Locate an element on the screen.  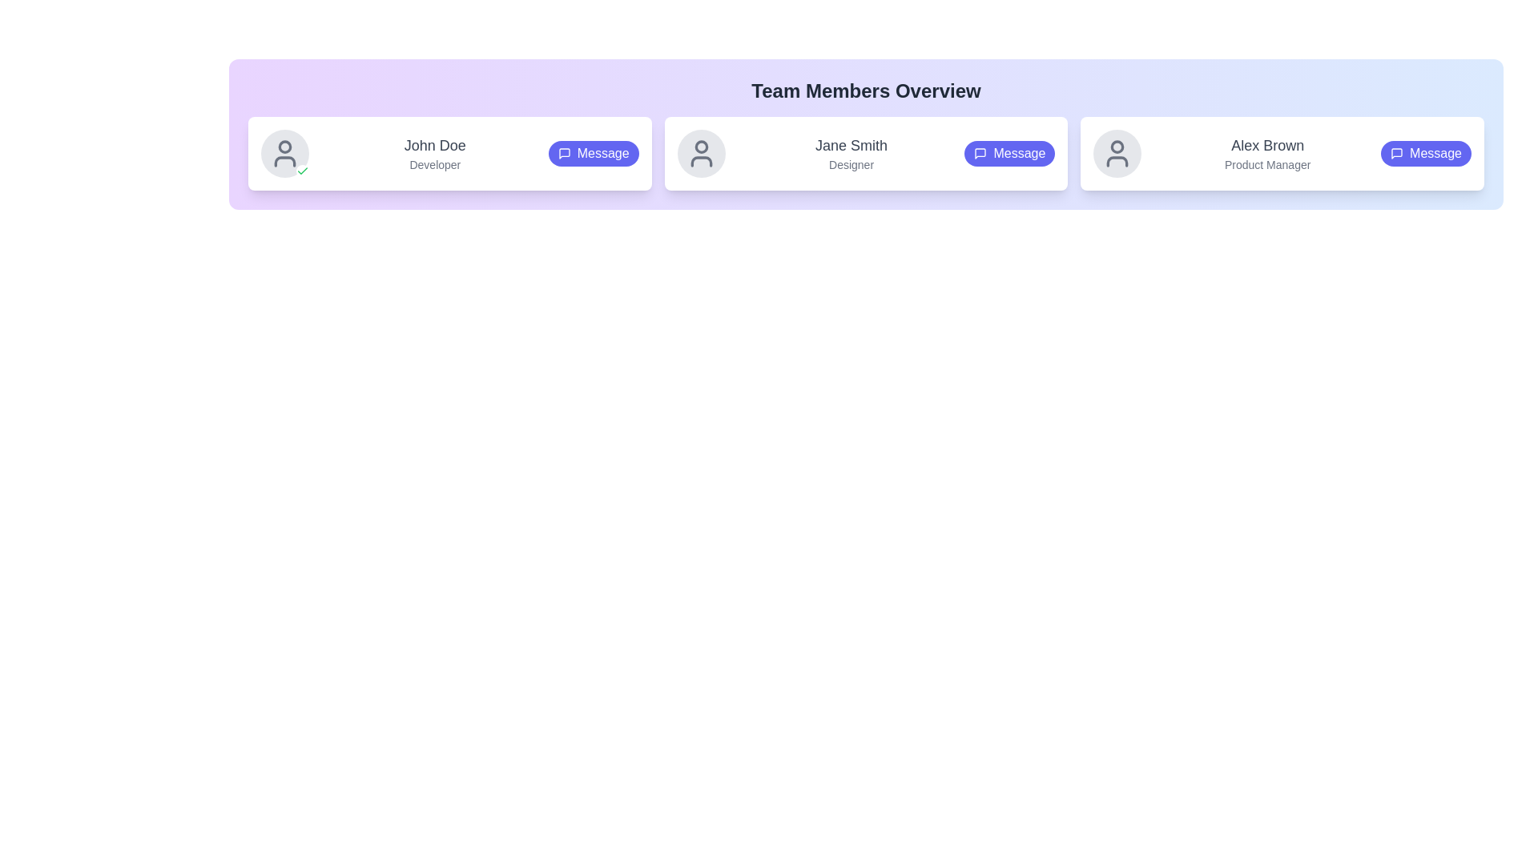
the profile or avatar icon located in the upper-left corner of the card labeled 'Jane Smith' and 'Designer' is located at coordinates (701, 154).